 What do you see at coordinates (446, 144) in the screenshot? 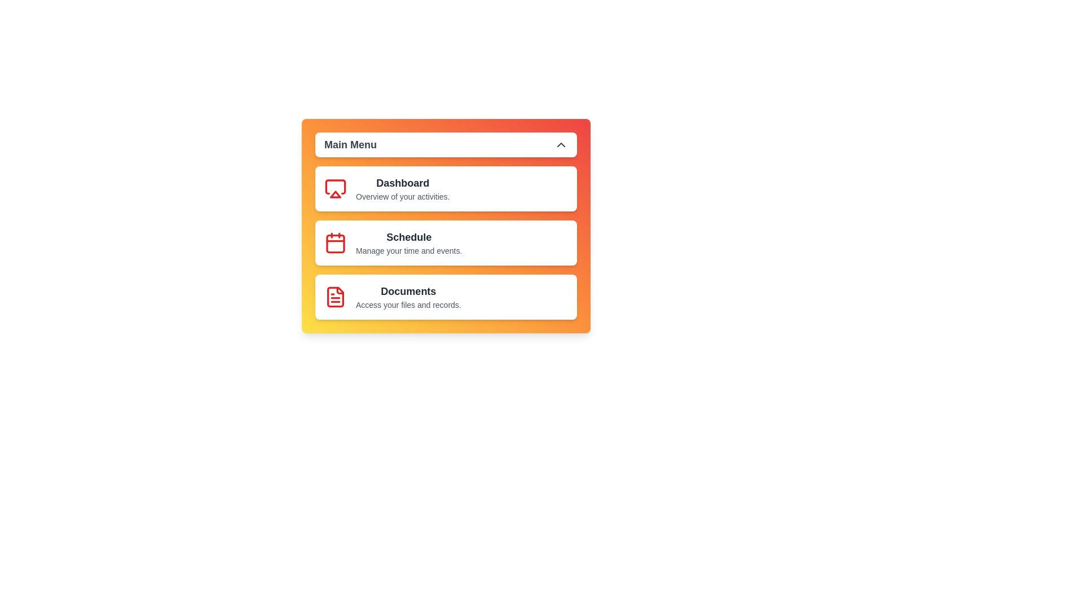
I see `the 'Main Menu' button to toggle the visibility of the menu` at bounding box center [446, 144].